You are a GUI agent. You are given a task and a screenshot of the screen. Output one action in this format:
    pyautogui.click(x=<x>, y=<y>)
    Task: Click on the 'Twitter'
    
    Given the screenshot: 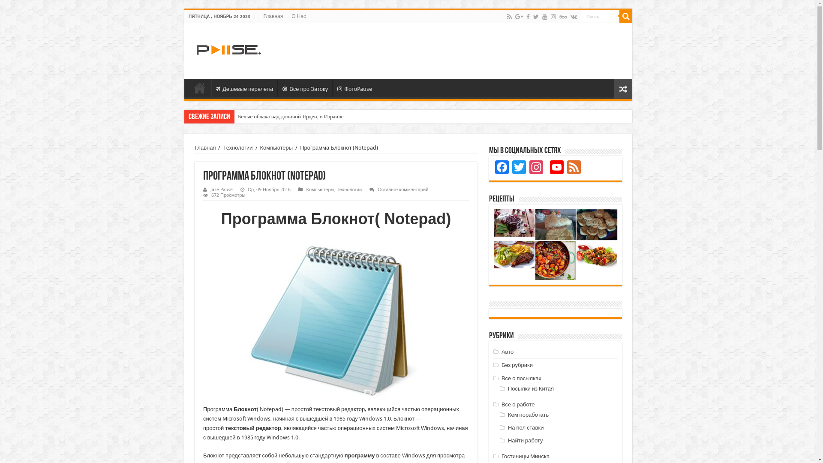 What is the action you would take?
    pyautogui.click(x=535, y=16)
    